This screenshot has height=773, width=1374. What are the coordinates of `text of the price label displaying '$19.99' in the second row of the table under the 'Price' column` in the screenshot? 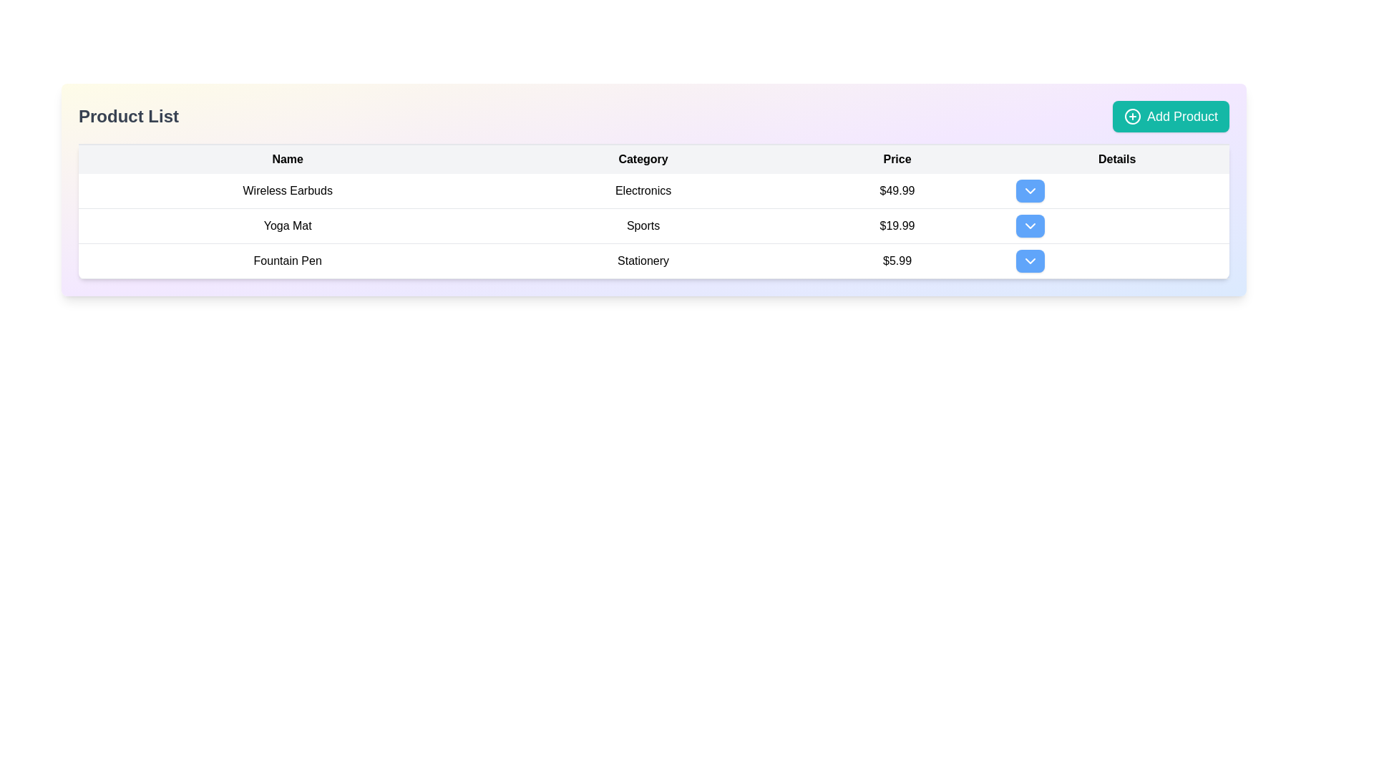 It's located at (896, 225).